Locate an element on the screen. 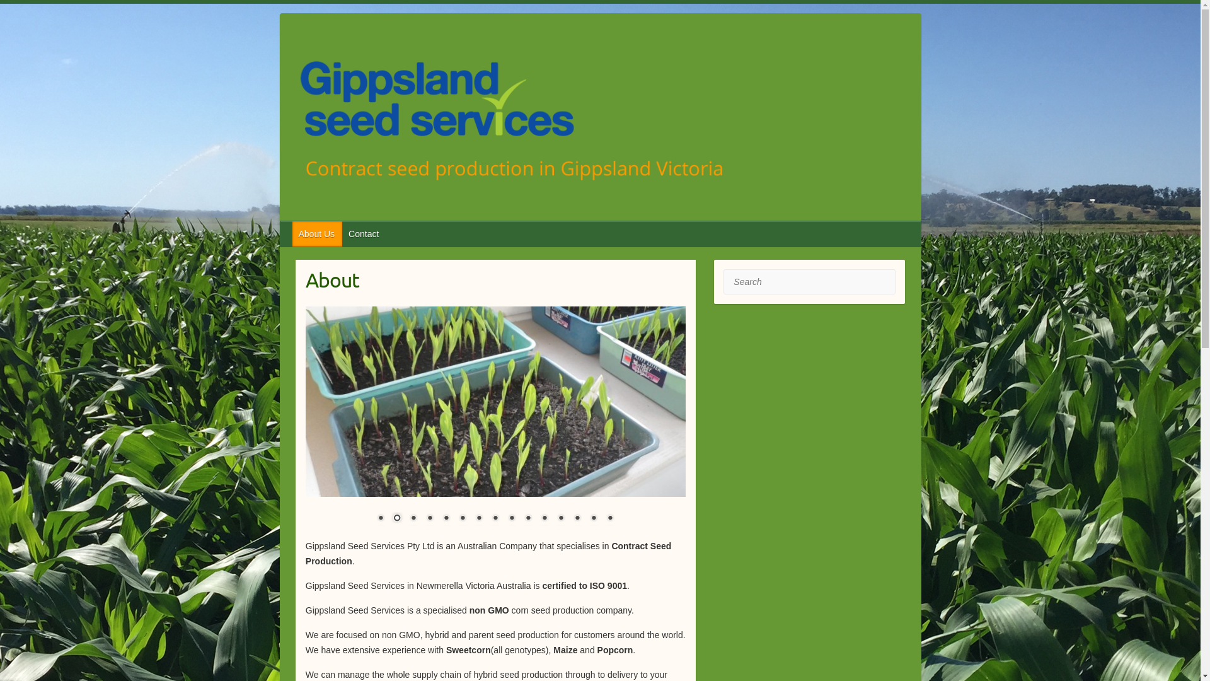  '5' is located at coordinates (446, 518).